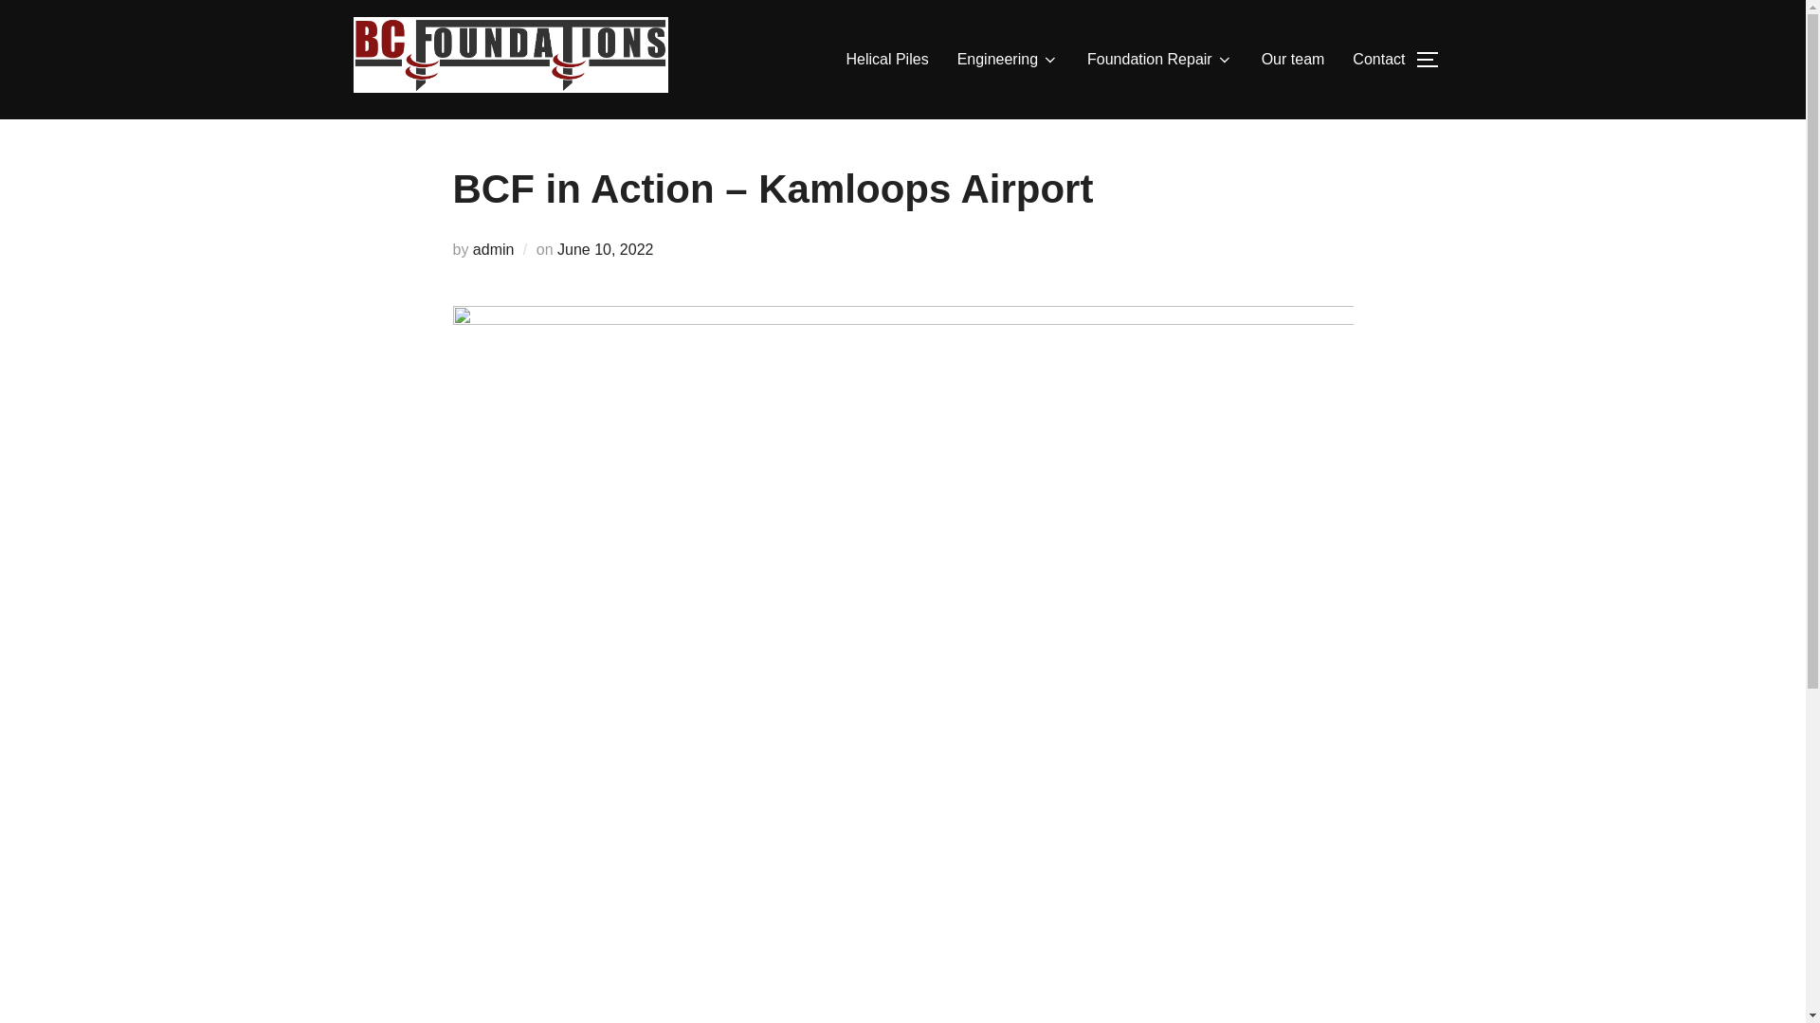  I want to click on 'Engineering', so click(956, 58).